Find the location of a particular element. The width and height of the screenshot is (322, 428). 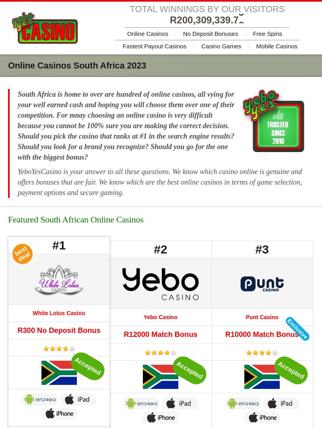

'Online Casinos' is located at coordinates (147, 33).